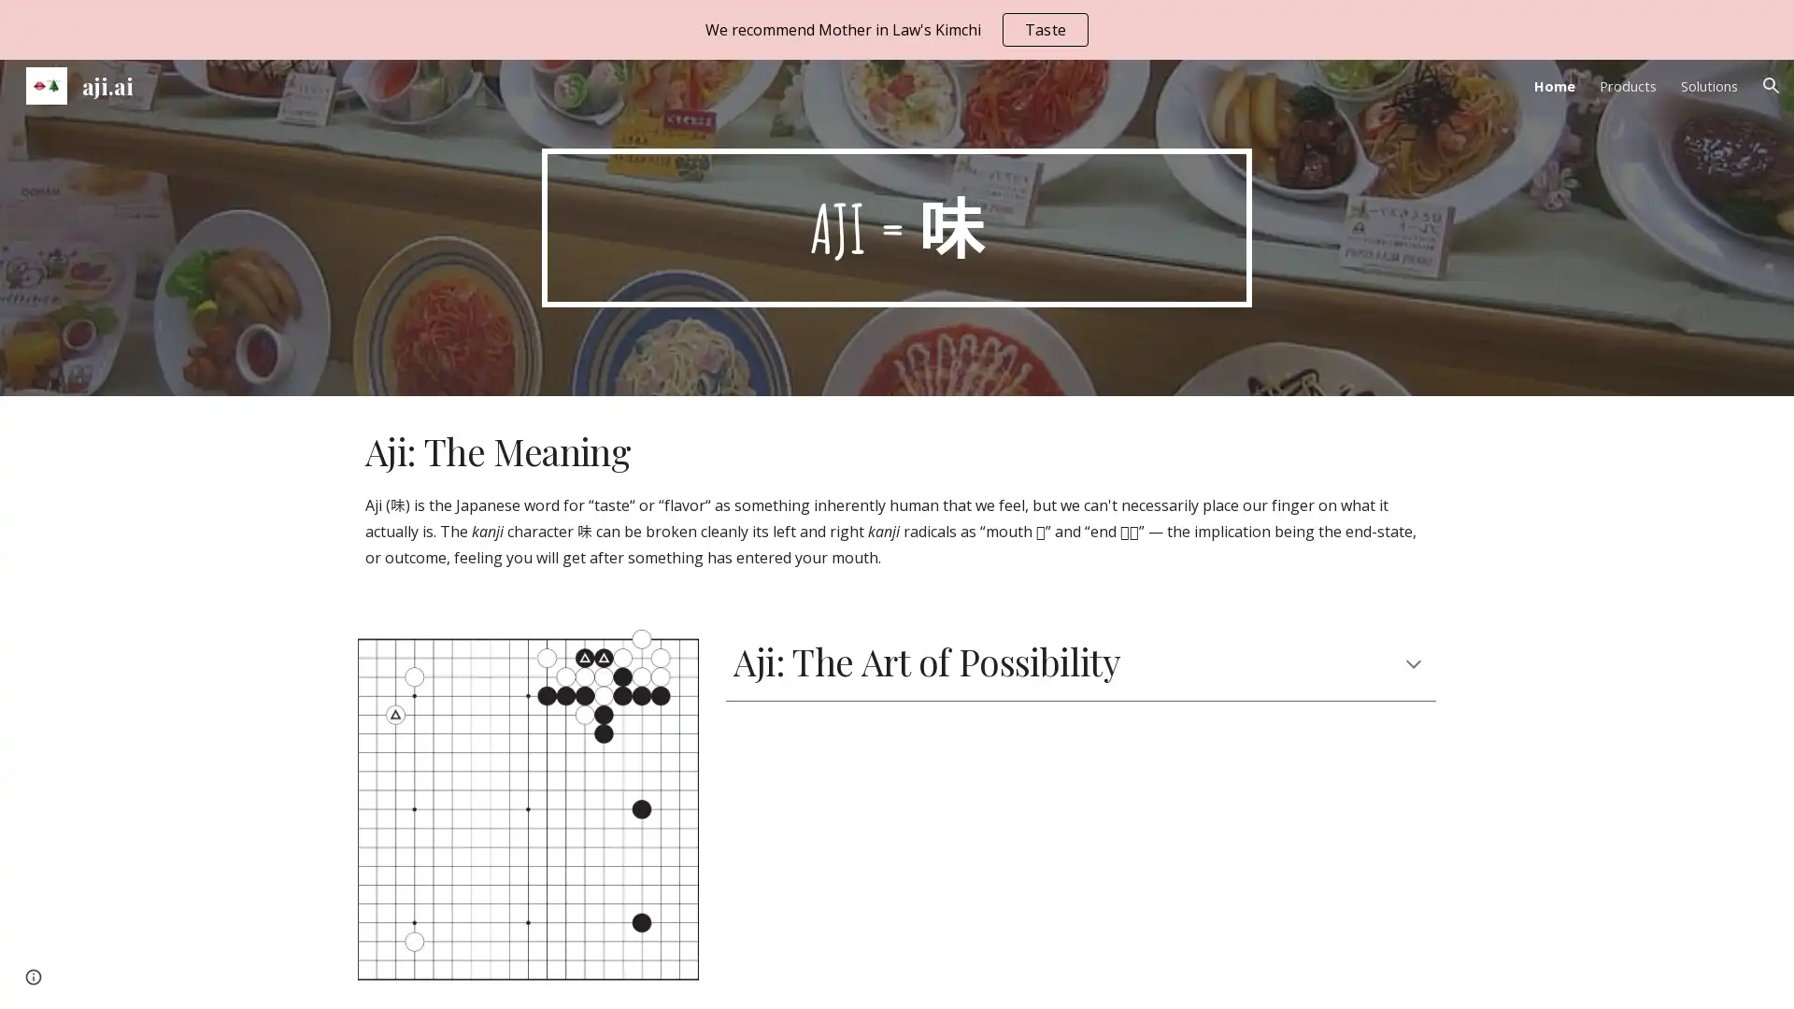  Describe the element at coordinates (33, 975) in the screenshot. I see `Site actions` at that location.